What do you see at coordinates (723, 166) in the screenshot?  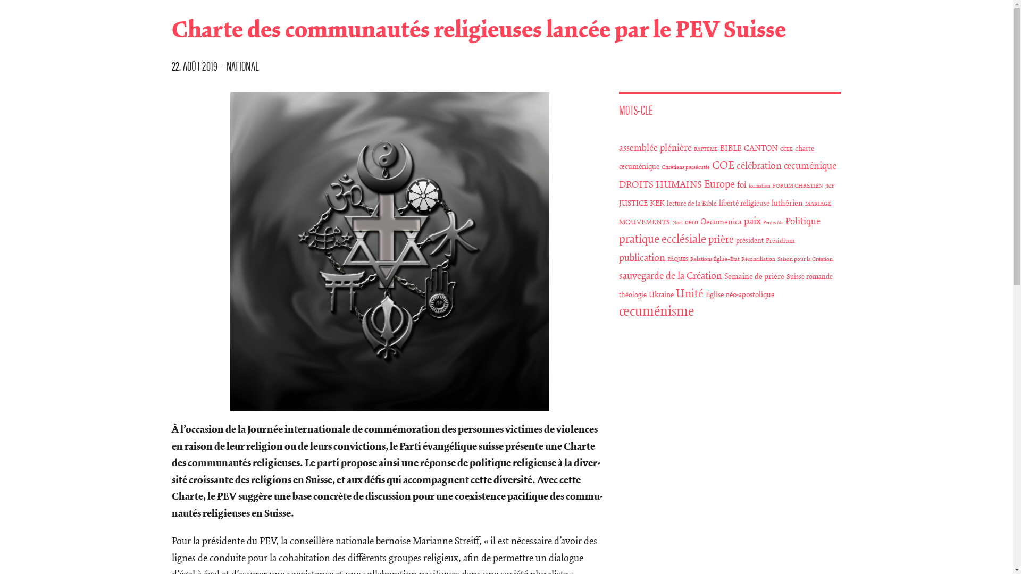 I see `'COE'` at bounding box center [723, 166].